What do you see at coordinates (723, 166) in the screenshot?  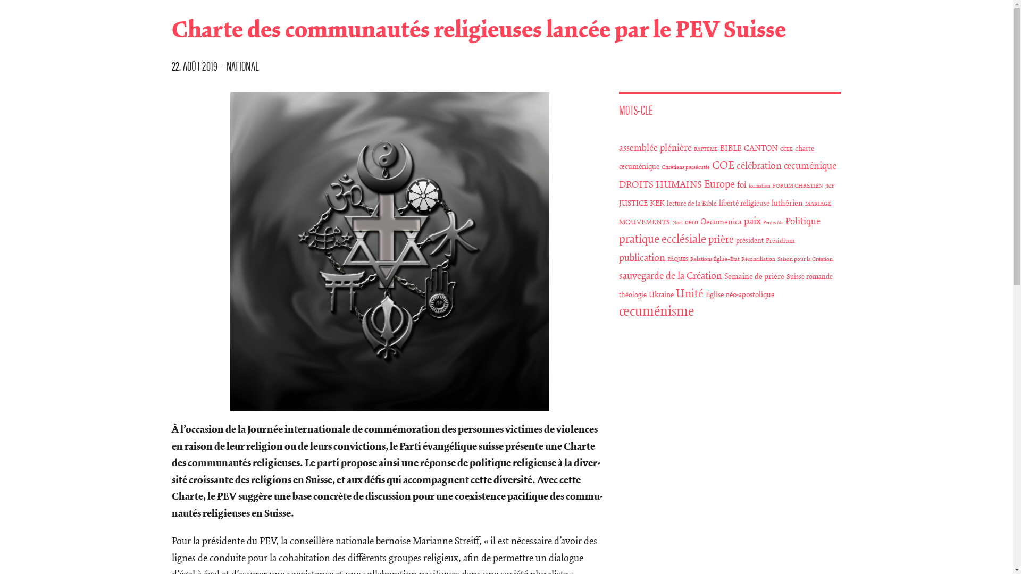 I see `'COE'` at bounding box center [723, 166].